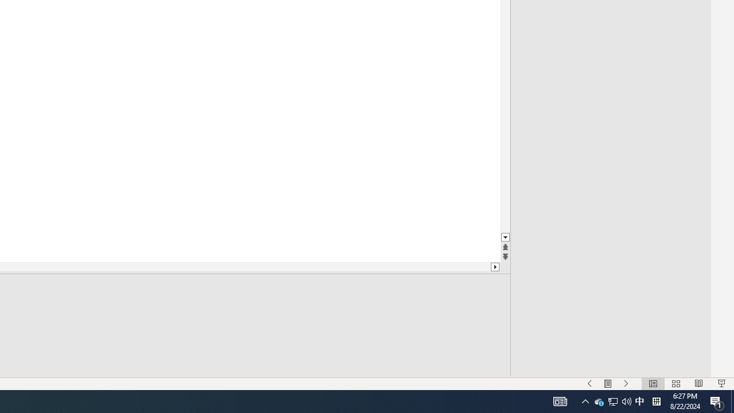  I want to click on 'Menu On', so click(607, 384).